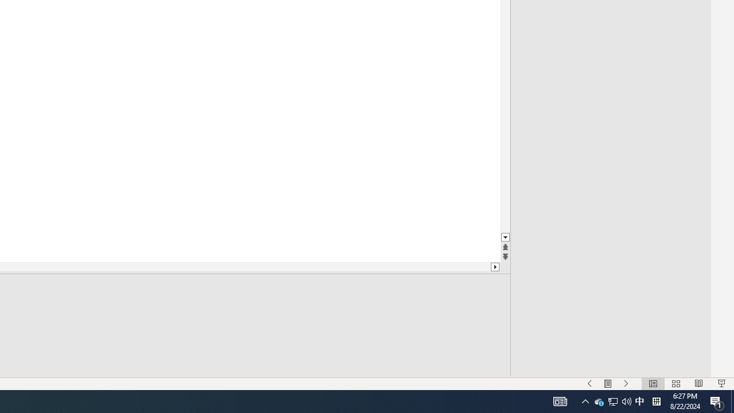  I want to click on 'Menu On', so click(607, 384).